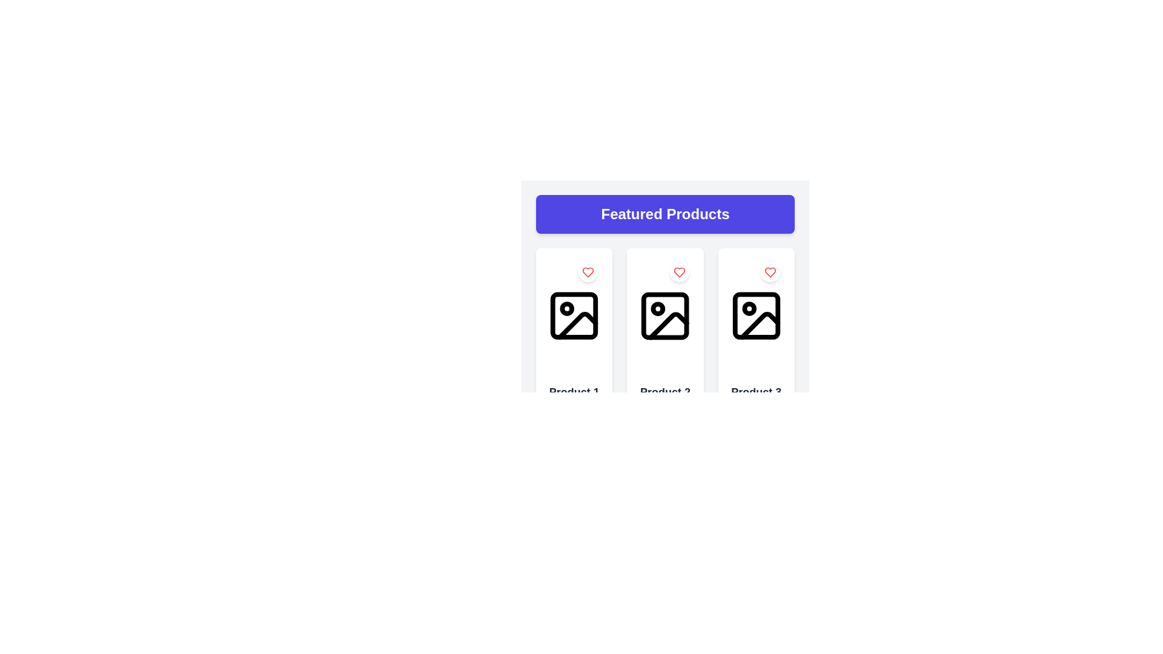 The image size is (1163, 654). Describe the element at coordinates (664, 214) in the screenshot. I see `text label titled 'Featured Products' located at the top center of a section with a purple rectangular background, above product cards` at that location.